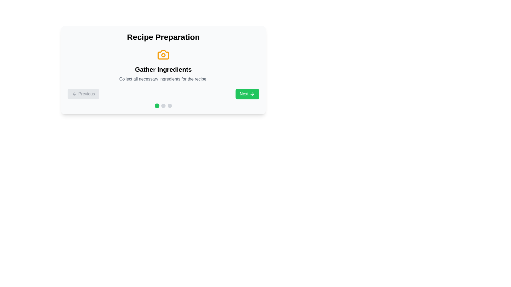  I want to click on the navigation button located on the right side of the interface, positioned at the bottom of the central card, so click(247, 94).